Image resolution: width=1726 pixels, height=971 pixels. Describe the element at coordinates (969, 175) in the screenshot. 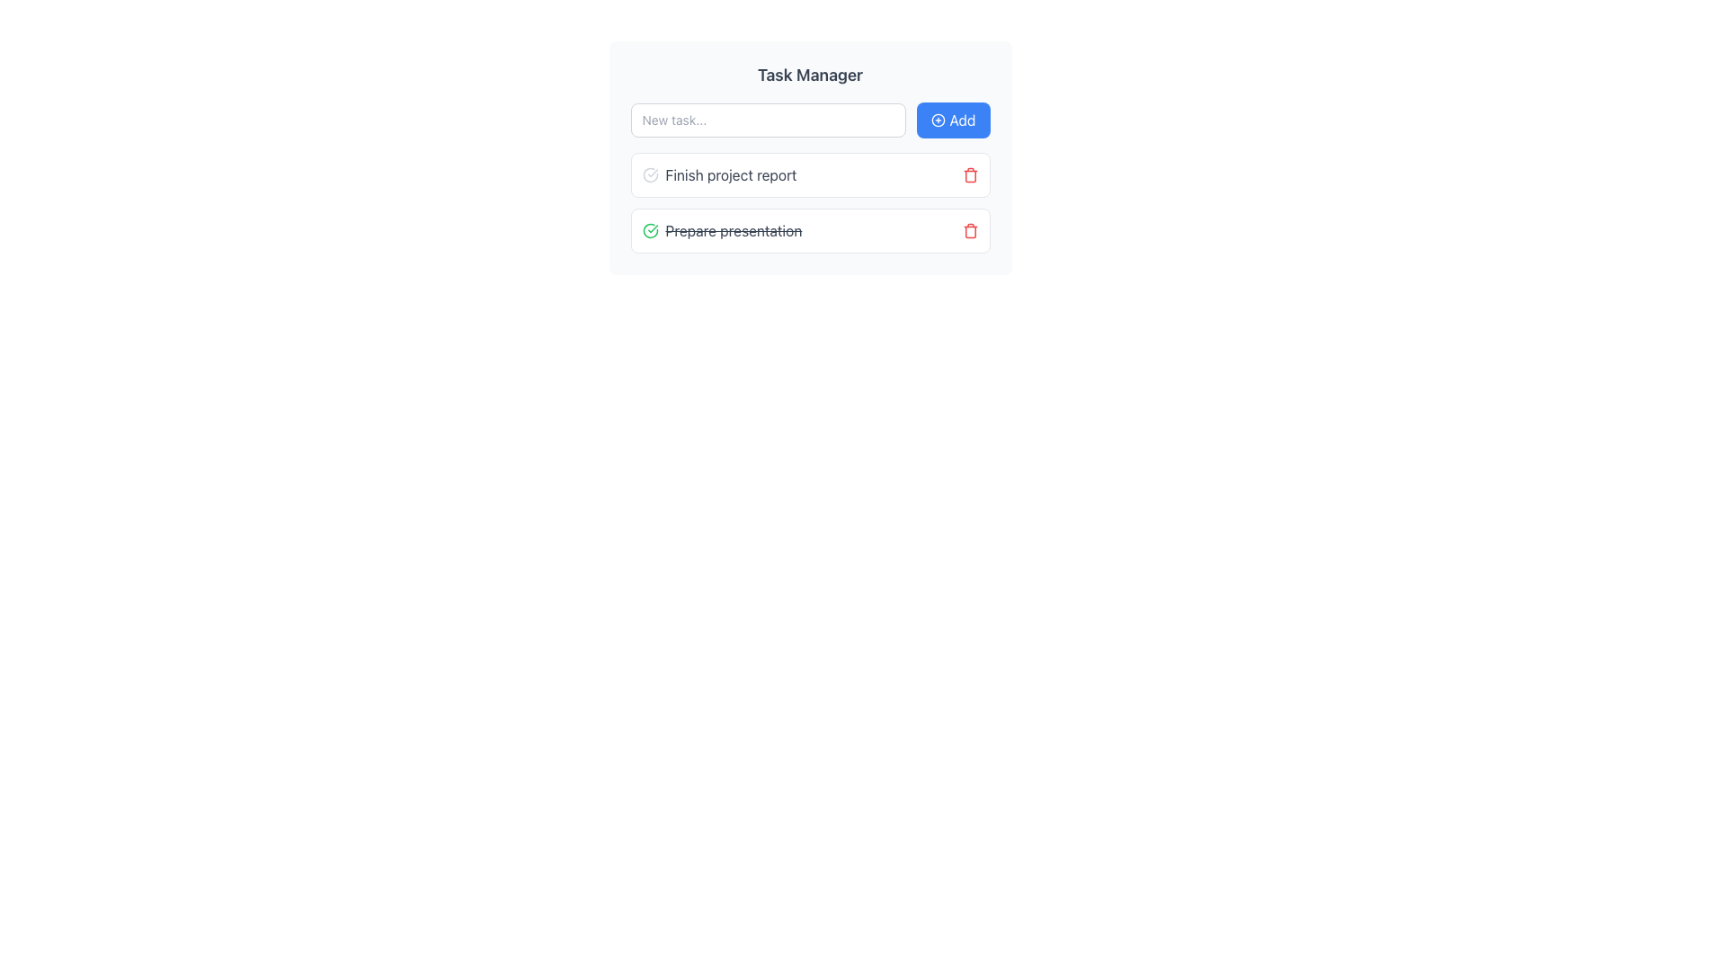

I see `the delete button located at the far right of the task entry labeled 'Finish project report'` at that location.